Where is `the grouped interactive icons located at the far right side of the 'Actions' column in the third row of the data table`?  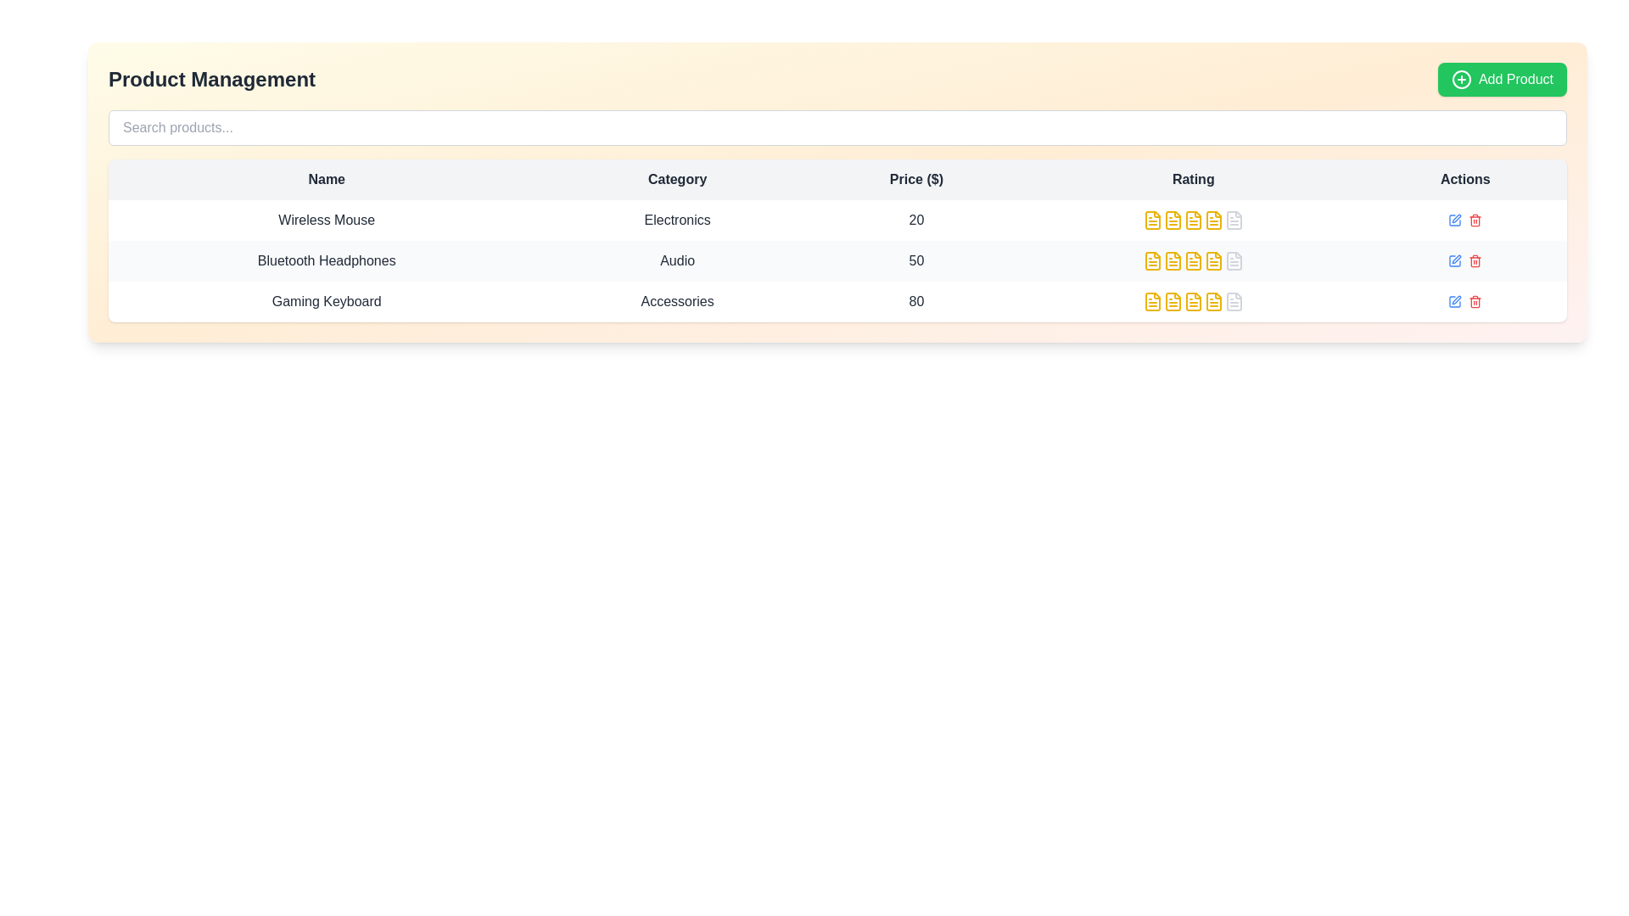 the grouped interactive icons located at the far right side of the 'Actions' column in the third row of the data table is located at coordinates (1464, 261).